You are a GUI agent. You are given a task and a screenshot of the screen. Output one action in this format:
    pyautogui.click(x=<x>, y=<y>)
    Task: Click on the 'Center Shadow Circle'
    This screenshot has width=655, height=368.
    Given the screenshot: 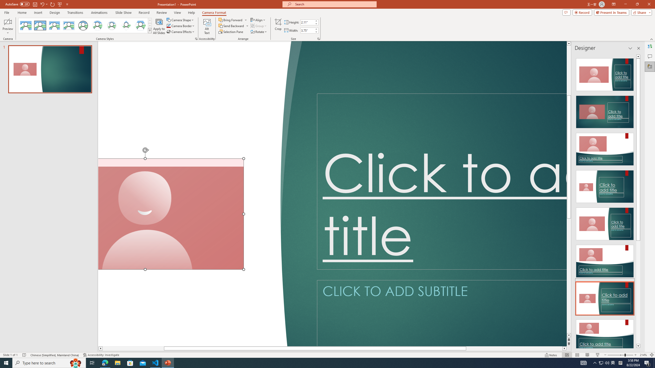 What is the action you would take?
    pyautogui.click(x=97, y=25)
    